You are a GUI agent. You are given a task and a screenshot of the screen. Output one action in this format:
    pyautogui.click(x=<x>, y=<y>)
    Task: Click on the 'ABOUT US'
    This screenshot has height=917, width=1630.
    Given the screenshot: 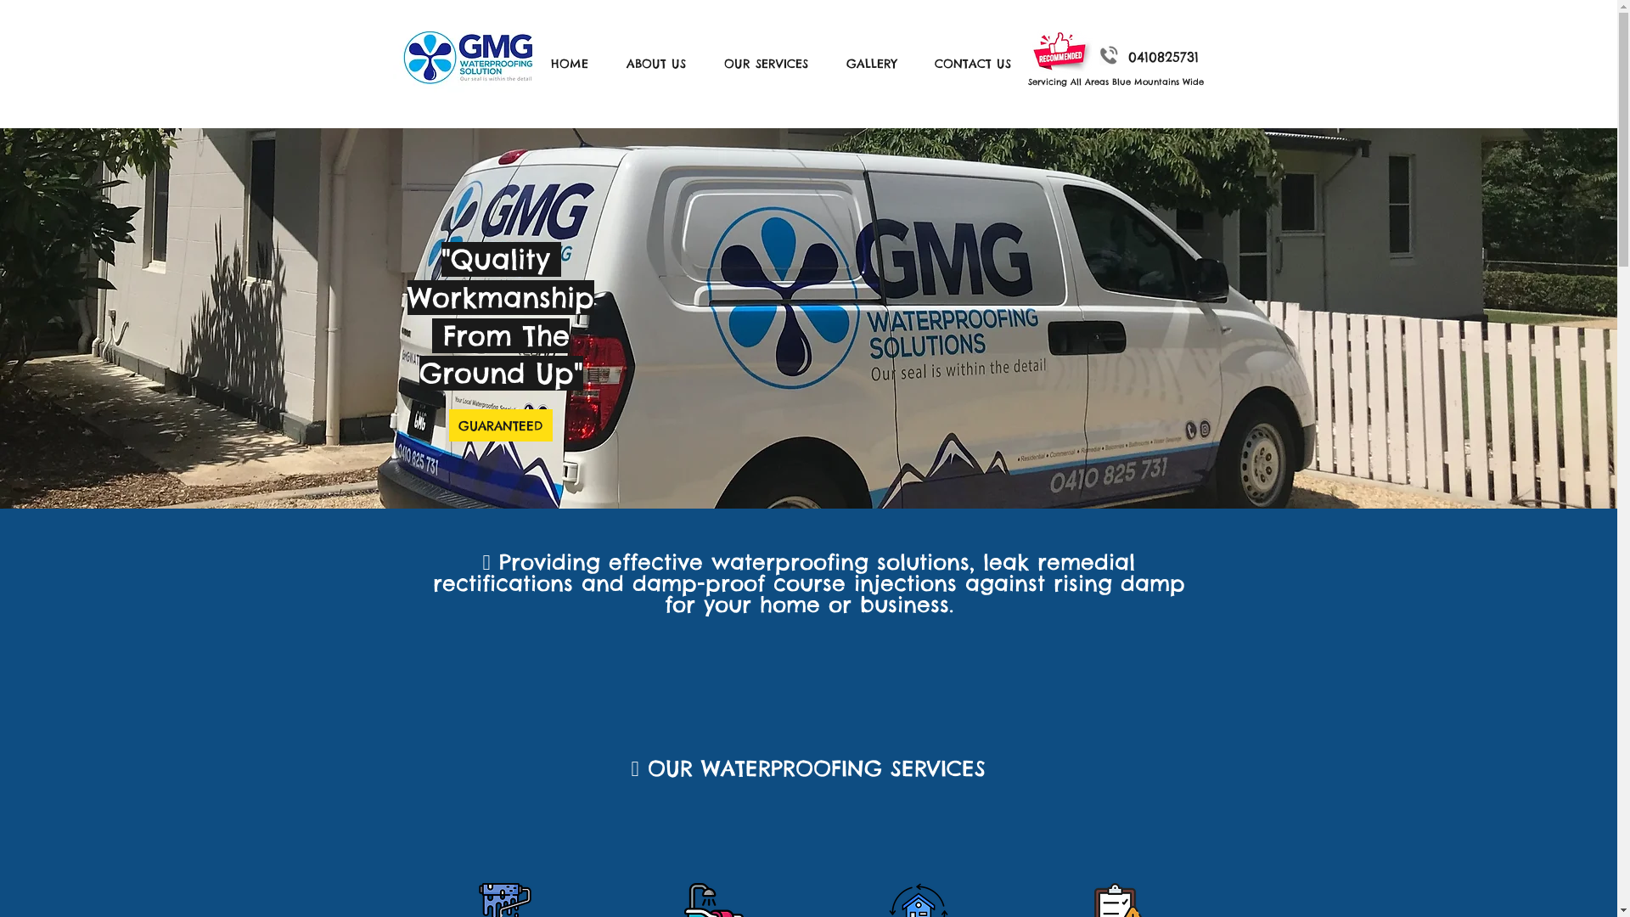 What is the action you would take?
    pyautogui.click(x=660, y=62)
    